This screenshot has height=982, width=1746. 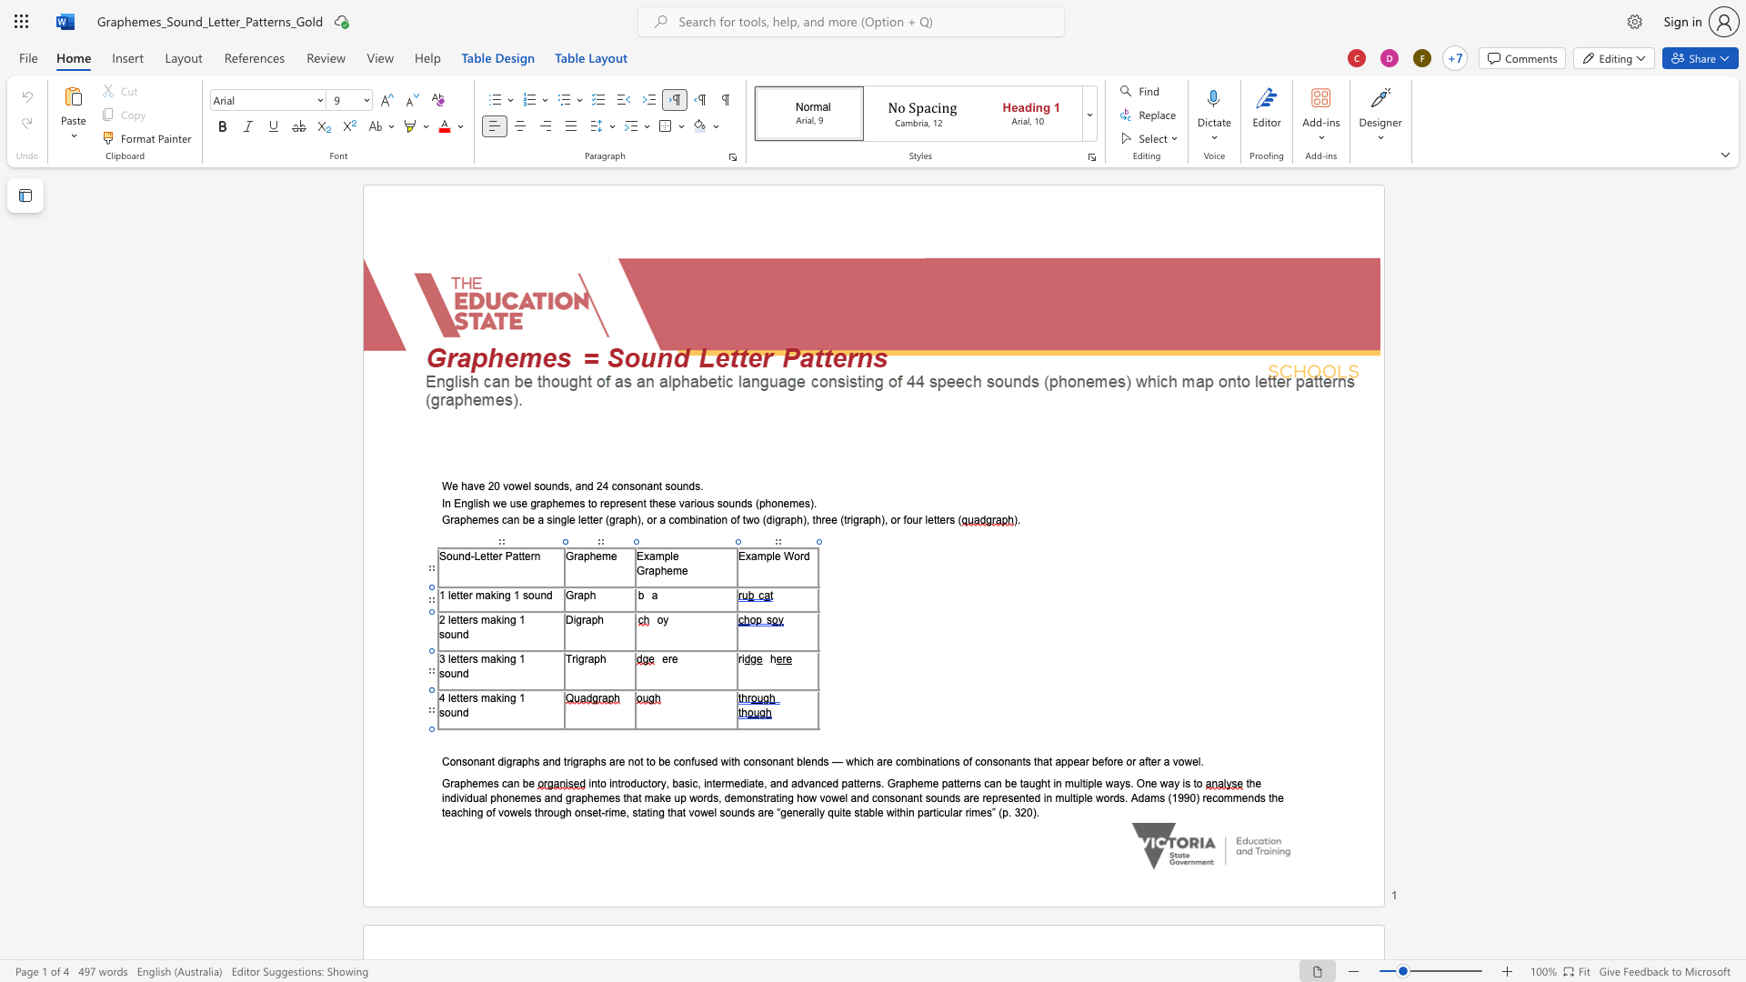 I want to click on the space between the continuous character "v" and "o" in the text, so click(x=1179, y=761).